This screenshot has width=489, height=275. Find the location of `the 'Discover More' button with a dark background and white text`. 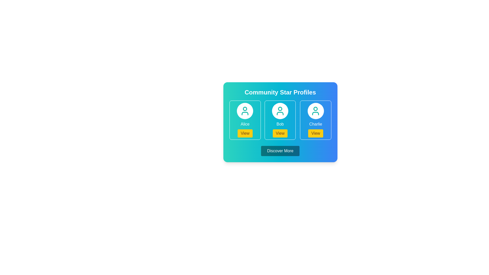

the 'Discover More' button with a dark background and white text is located at coordinates (280, 151).